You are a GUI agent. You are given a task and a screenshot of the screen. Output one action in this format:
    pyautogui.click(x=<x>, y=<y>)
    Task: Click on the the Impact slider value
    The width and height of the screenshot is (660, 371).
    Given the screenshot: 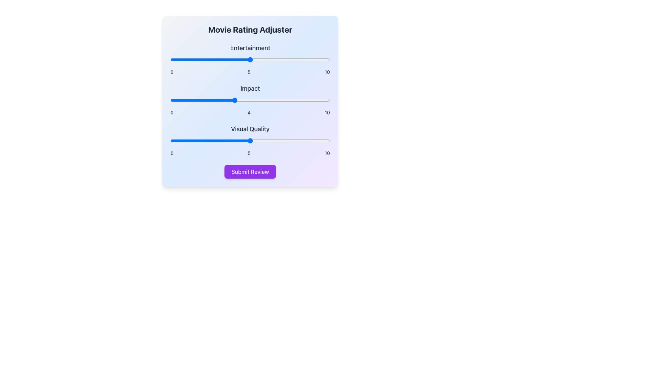 What is the action you would take?
    pyautogui.click(x=170, y=100)
    